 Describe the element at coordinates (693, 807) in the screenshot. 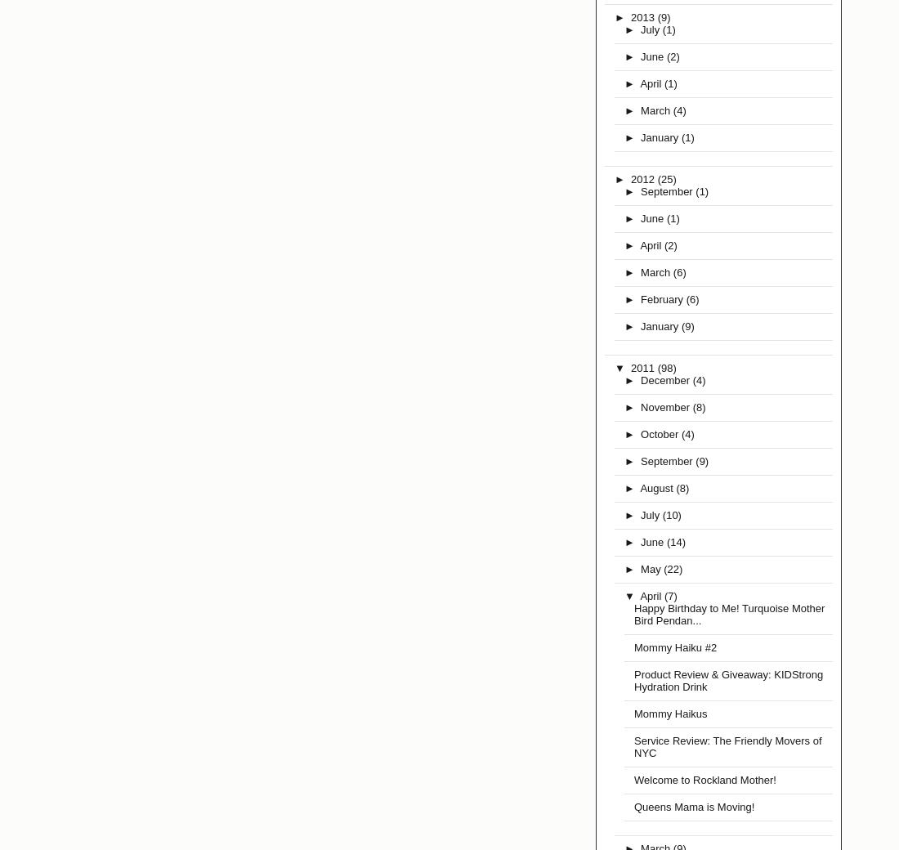

I see `'Queens Mama is Moving!'` at that location.